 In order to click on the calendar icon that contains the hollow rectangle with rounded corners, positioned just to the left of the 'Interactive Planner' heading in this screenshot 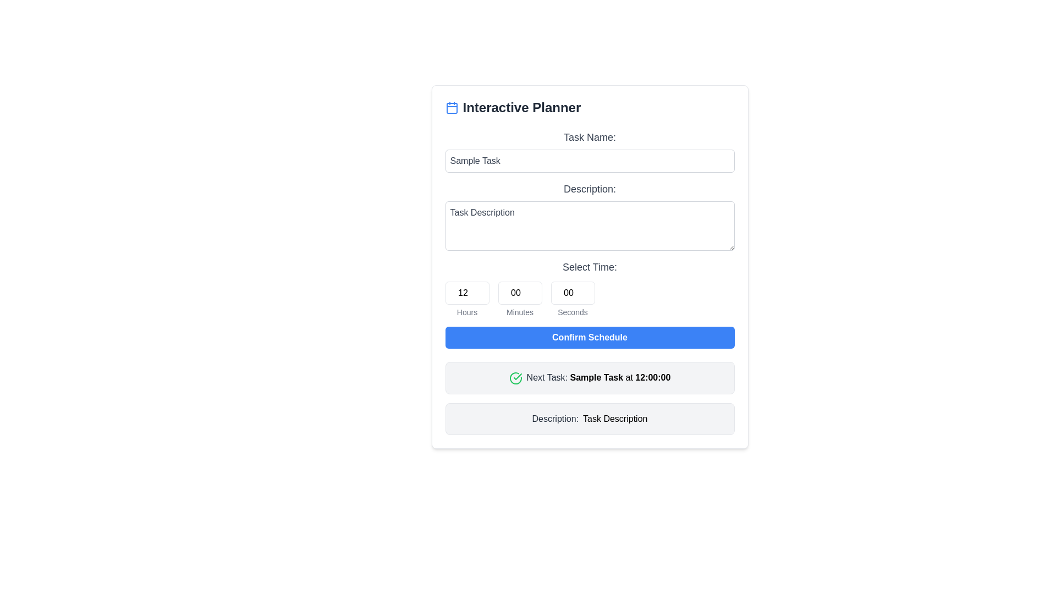, I will do `click(452, 108)`.